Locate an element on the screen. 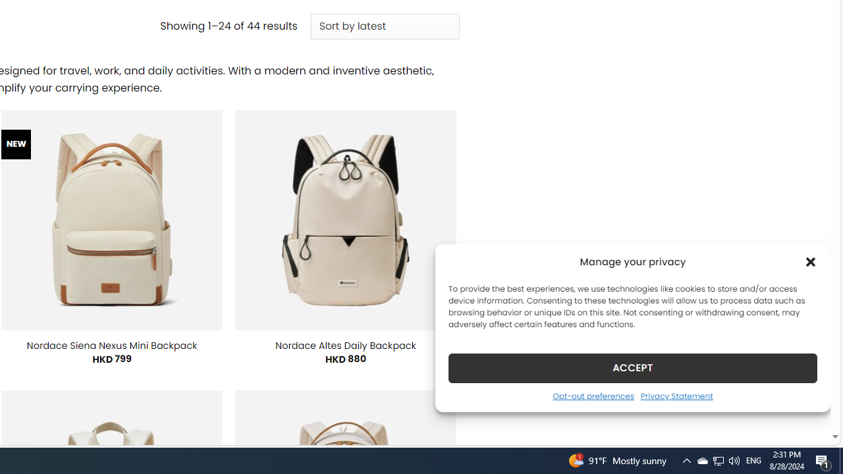  'Shop order' is located at coordinates (384, 27).